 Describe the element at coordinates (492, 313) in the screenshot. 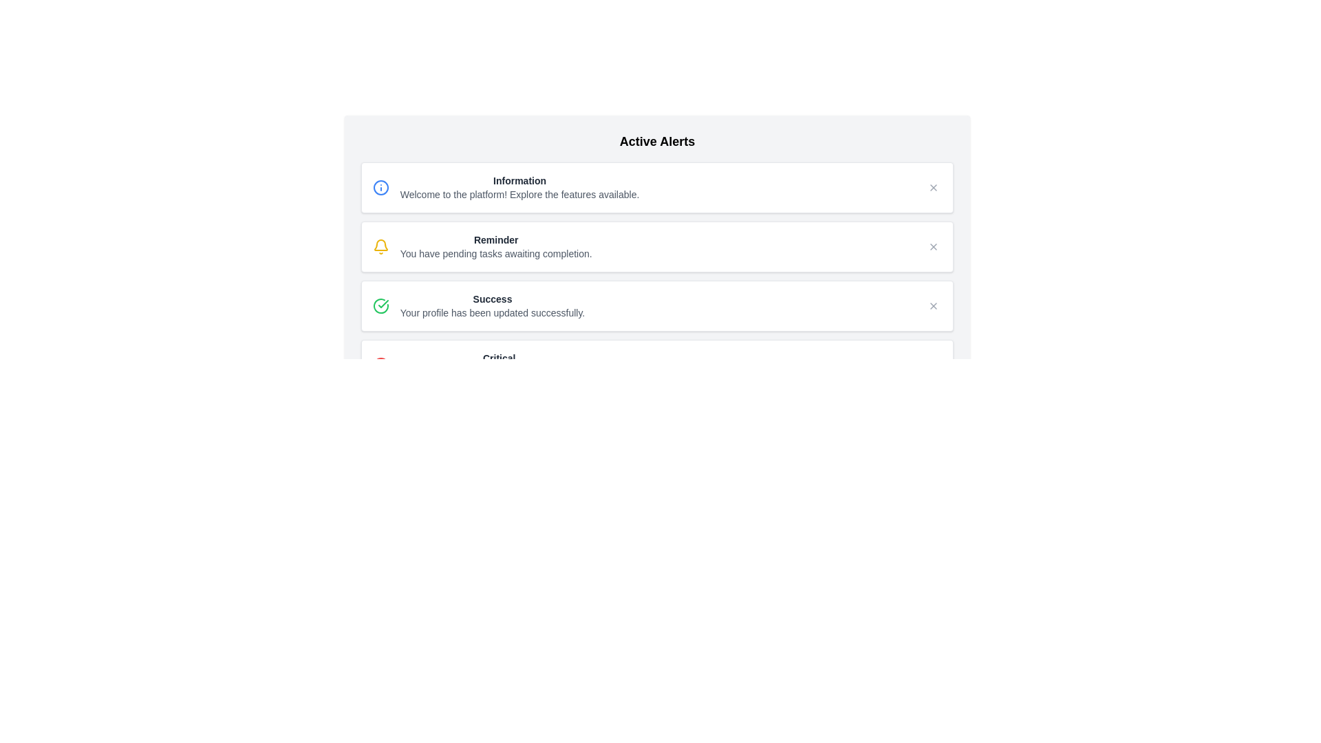

I see `notification message indicating the successful update of the user's profile, located beneath the bolded title 'Success' in the notification block` at that location.